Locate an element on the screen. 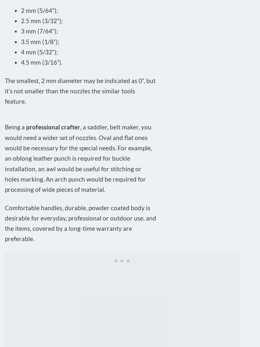  ', a saddler, belt maker, you would need a wider set of nozzles. Oval and flat ones would be necessary for the special needs. For example, an oblong leather punch is required for buckle installation, an awl would be useful for stitching or holes marking. An arch punch would be required for processing of wide pieces of material.' is located at coordinates (78, 158).